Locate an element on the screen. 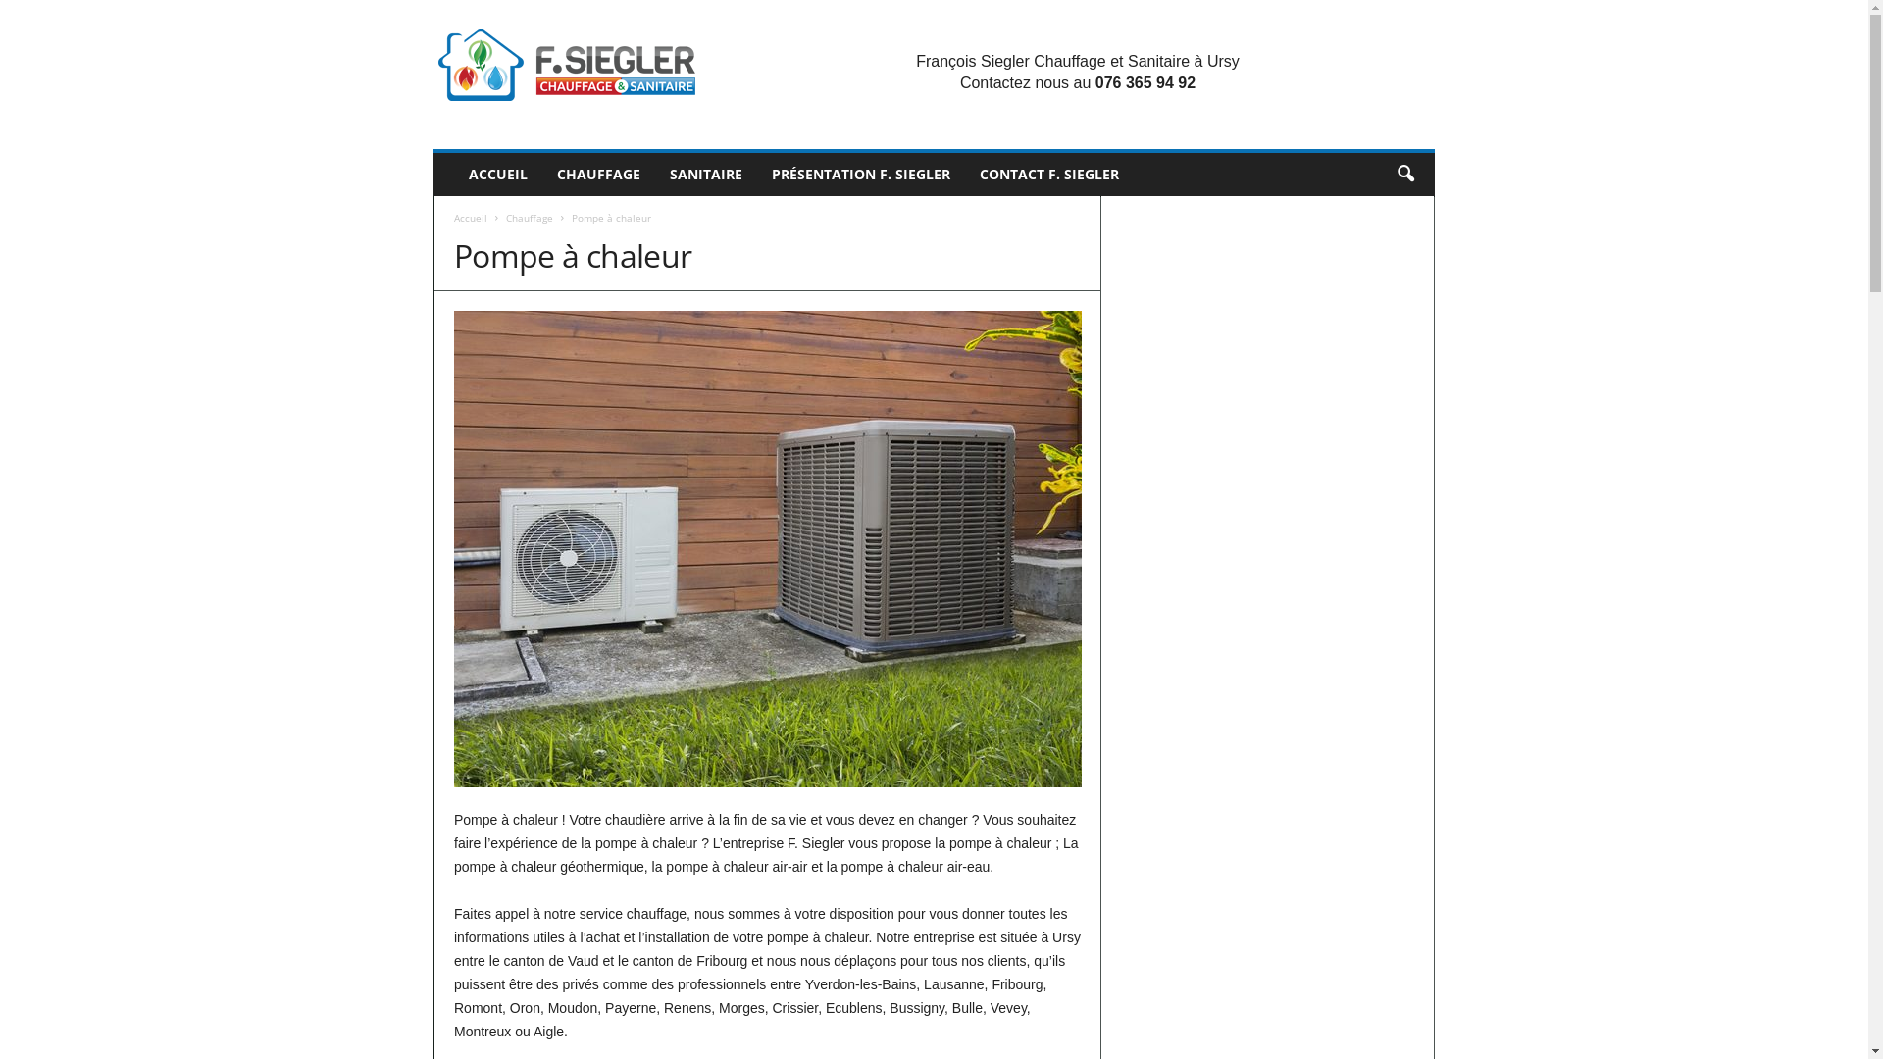  'Chauffage sanitaire F.Siegler' is located at coordinates (565, 63).